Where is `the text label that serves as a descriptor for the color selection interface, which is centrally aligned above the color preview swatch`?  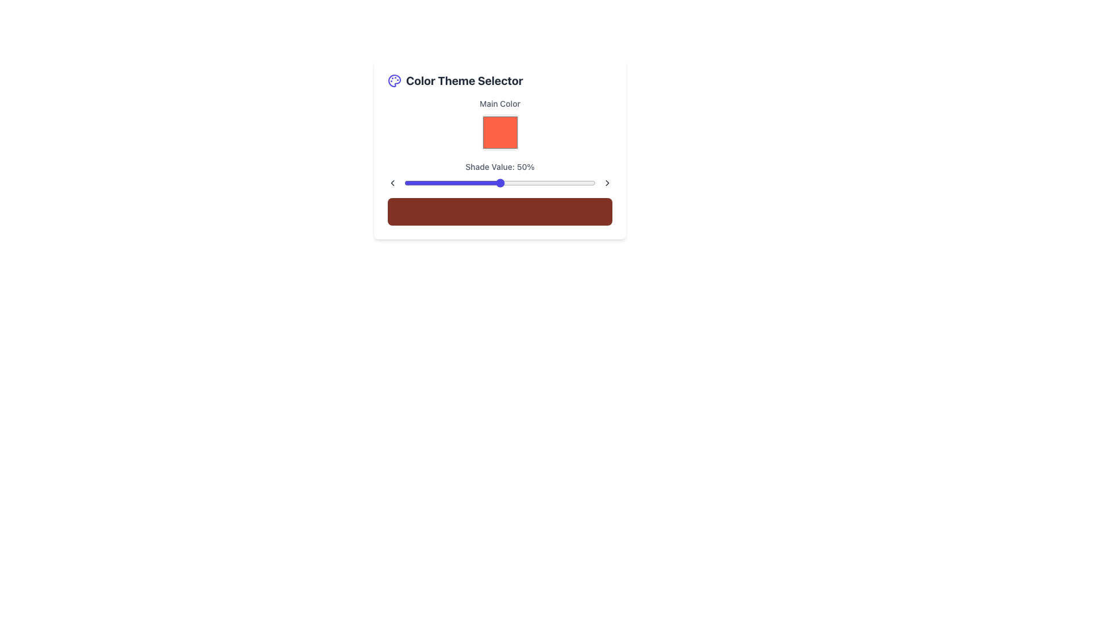 the text label that serves as a descriptor for the color selection interface, which is centrally aligned above the color preview swatch is located at coordinates (500, 104).